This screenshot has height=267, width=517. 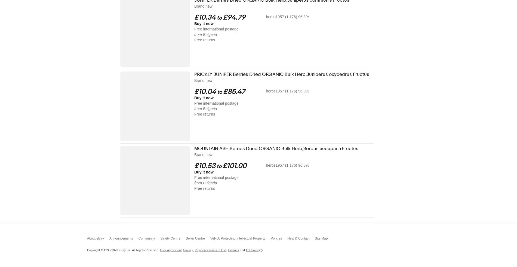 What do you see at coordinates (204, 166) in the screenshot?
I see `'£10.53'` at bounding box center [204, 166].